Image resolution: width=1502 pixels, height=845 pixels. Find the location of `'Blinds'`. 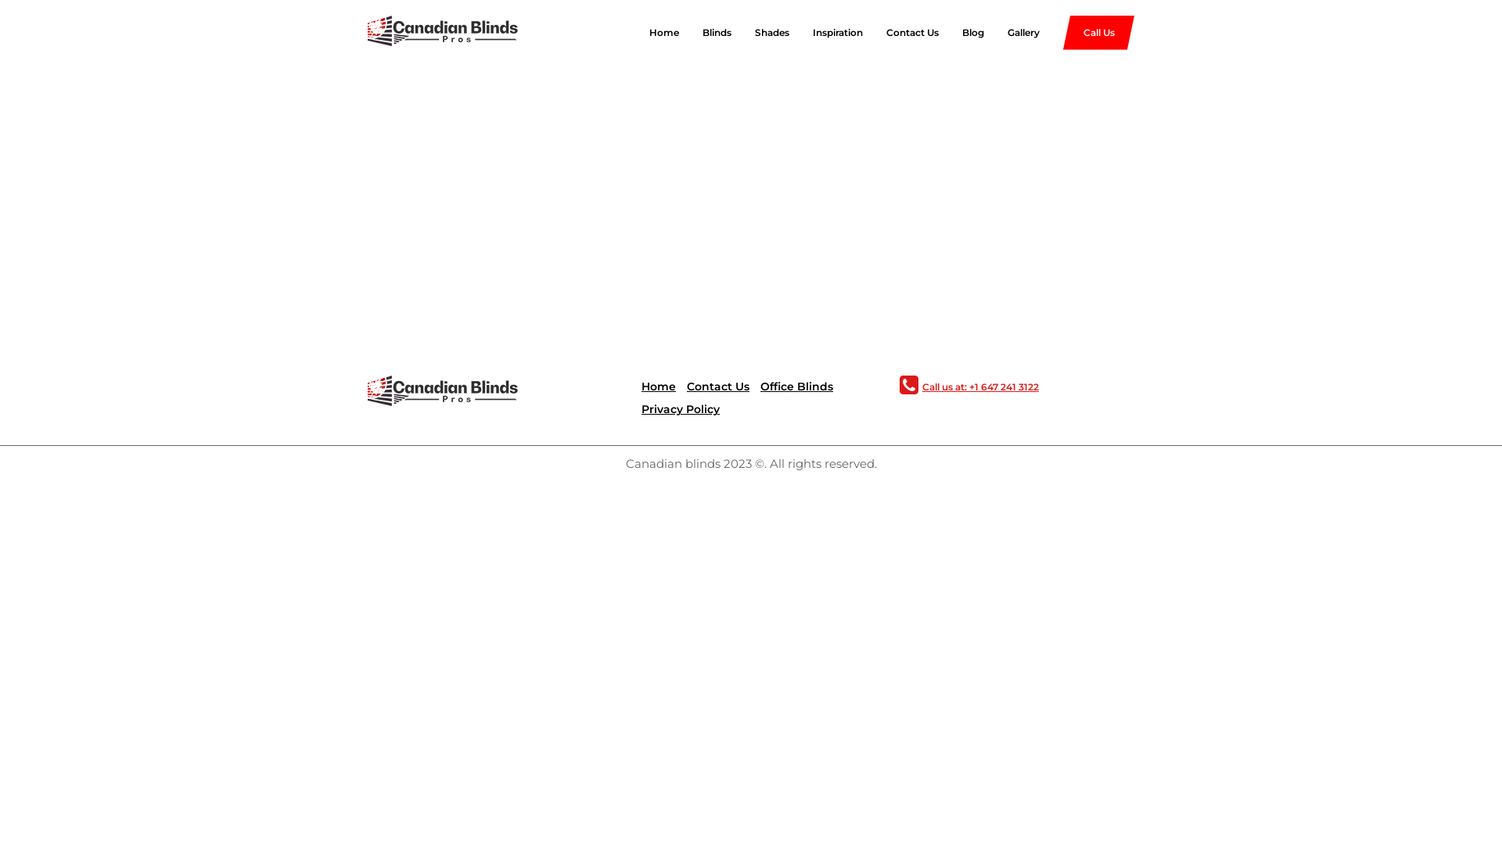

'Blinds' is located at coordinates (704, 33).